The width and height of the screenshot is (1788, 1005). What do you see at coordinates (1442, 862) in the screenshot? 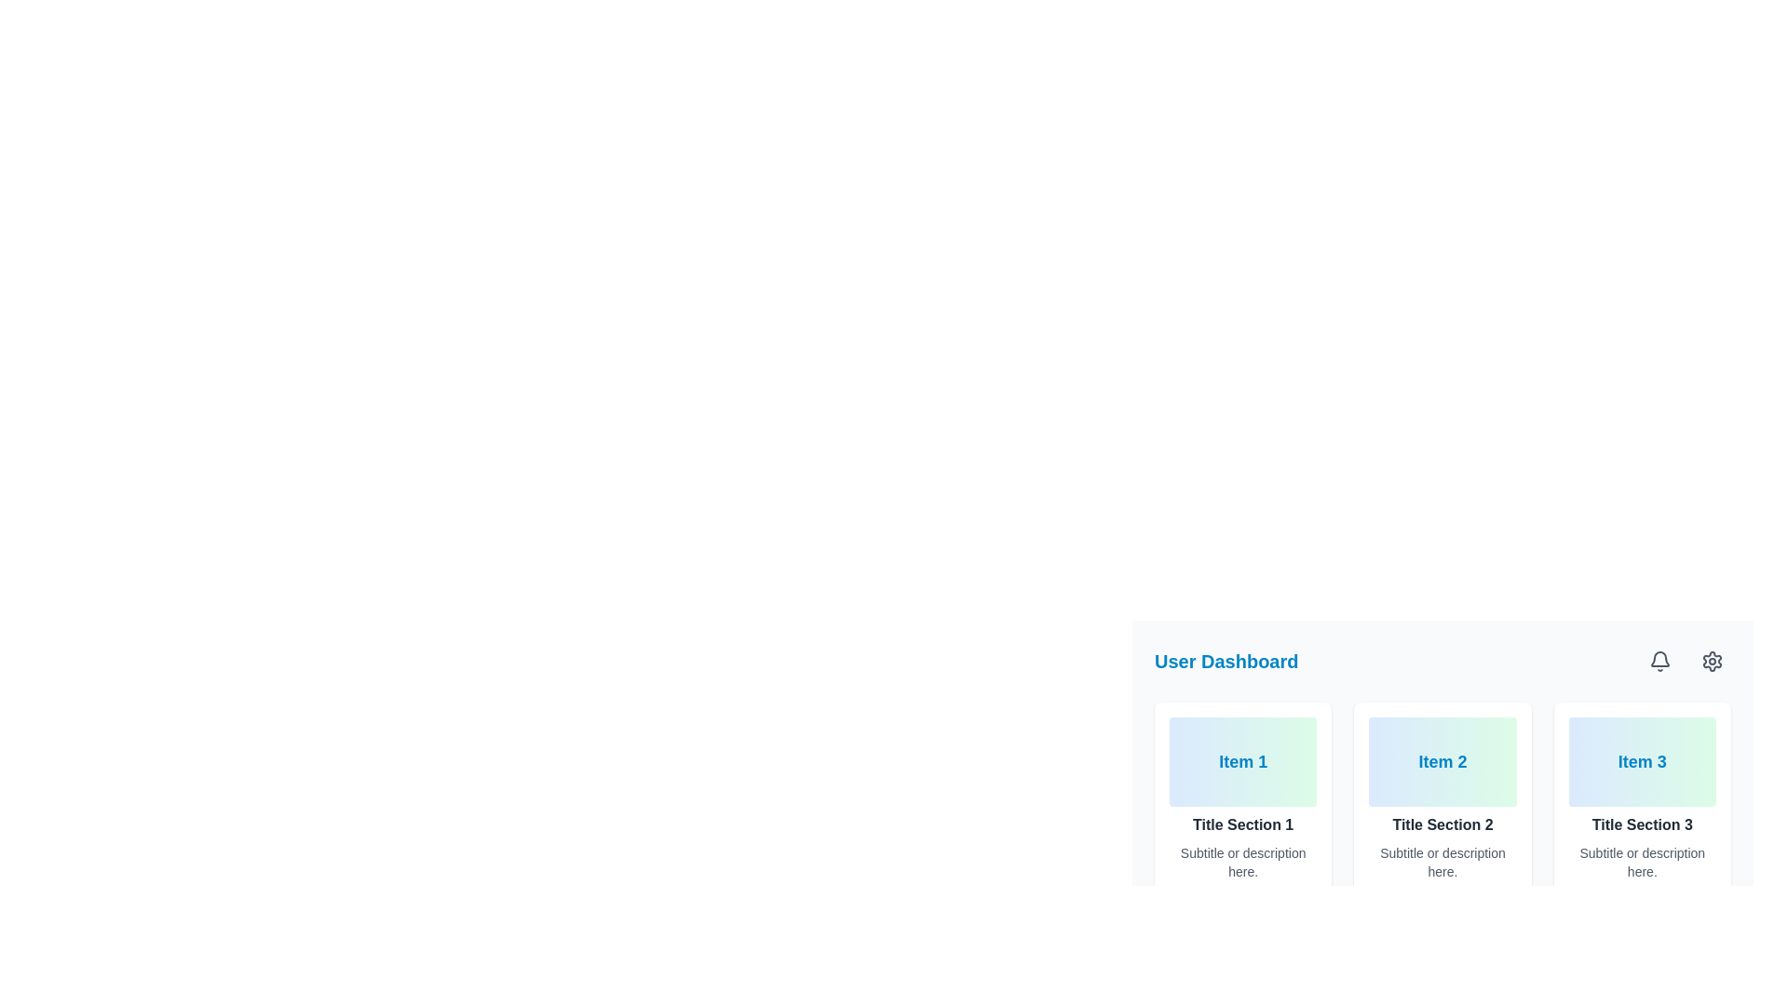
I see `the descriptive text element located below 'Title Section 2' in the middle card of three cards` at bounding box center [1442, 862].